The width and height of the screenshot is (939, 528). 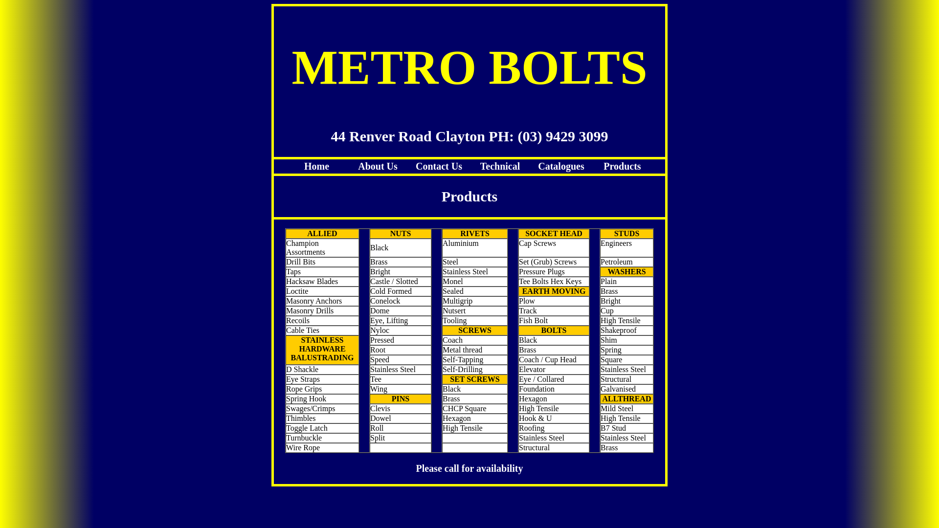 I want to click on 'Home', so click(x=304, y=165).